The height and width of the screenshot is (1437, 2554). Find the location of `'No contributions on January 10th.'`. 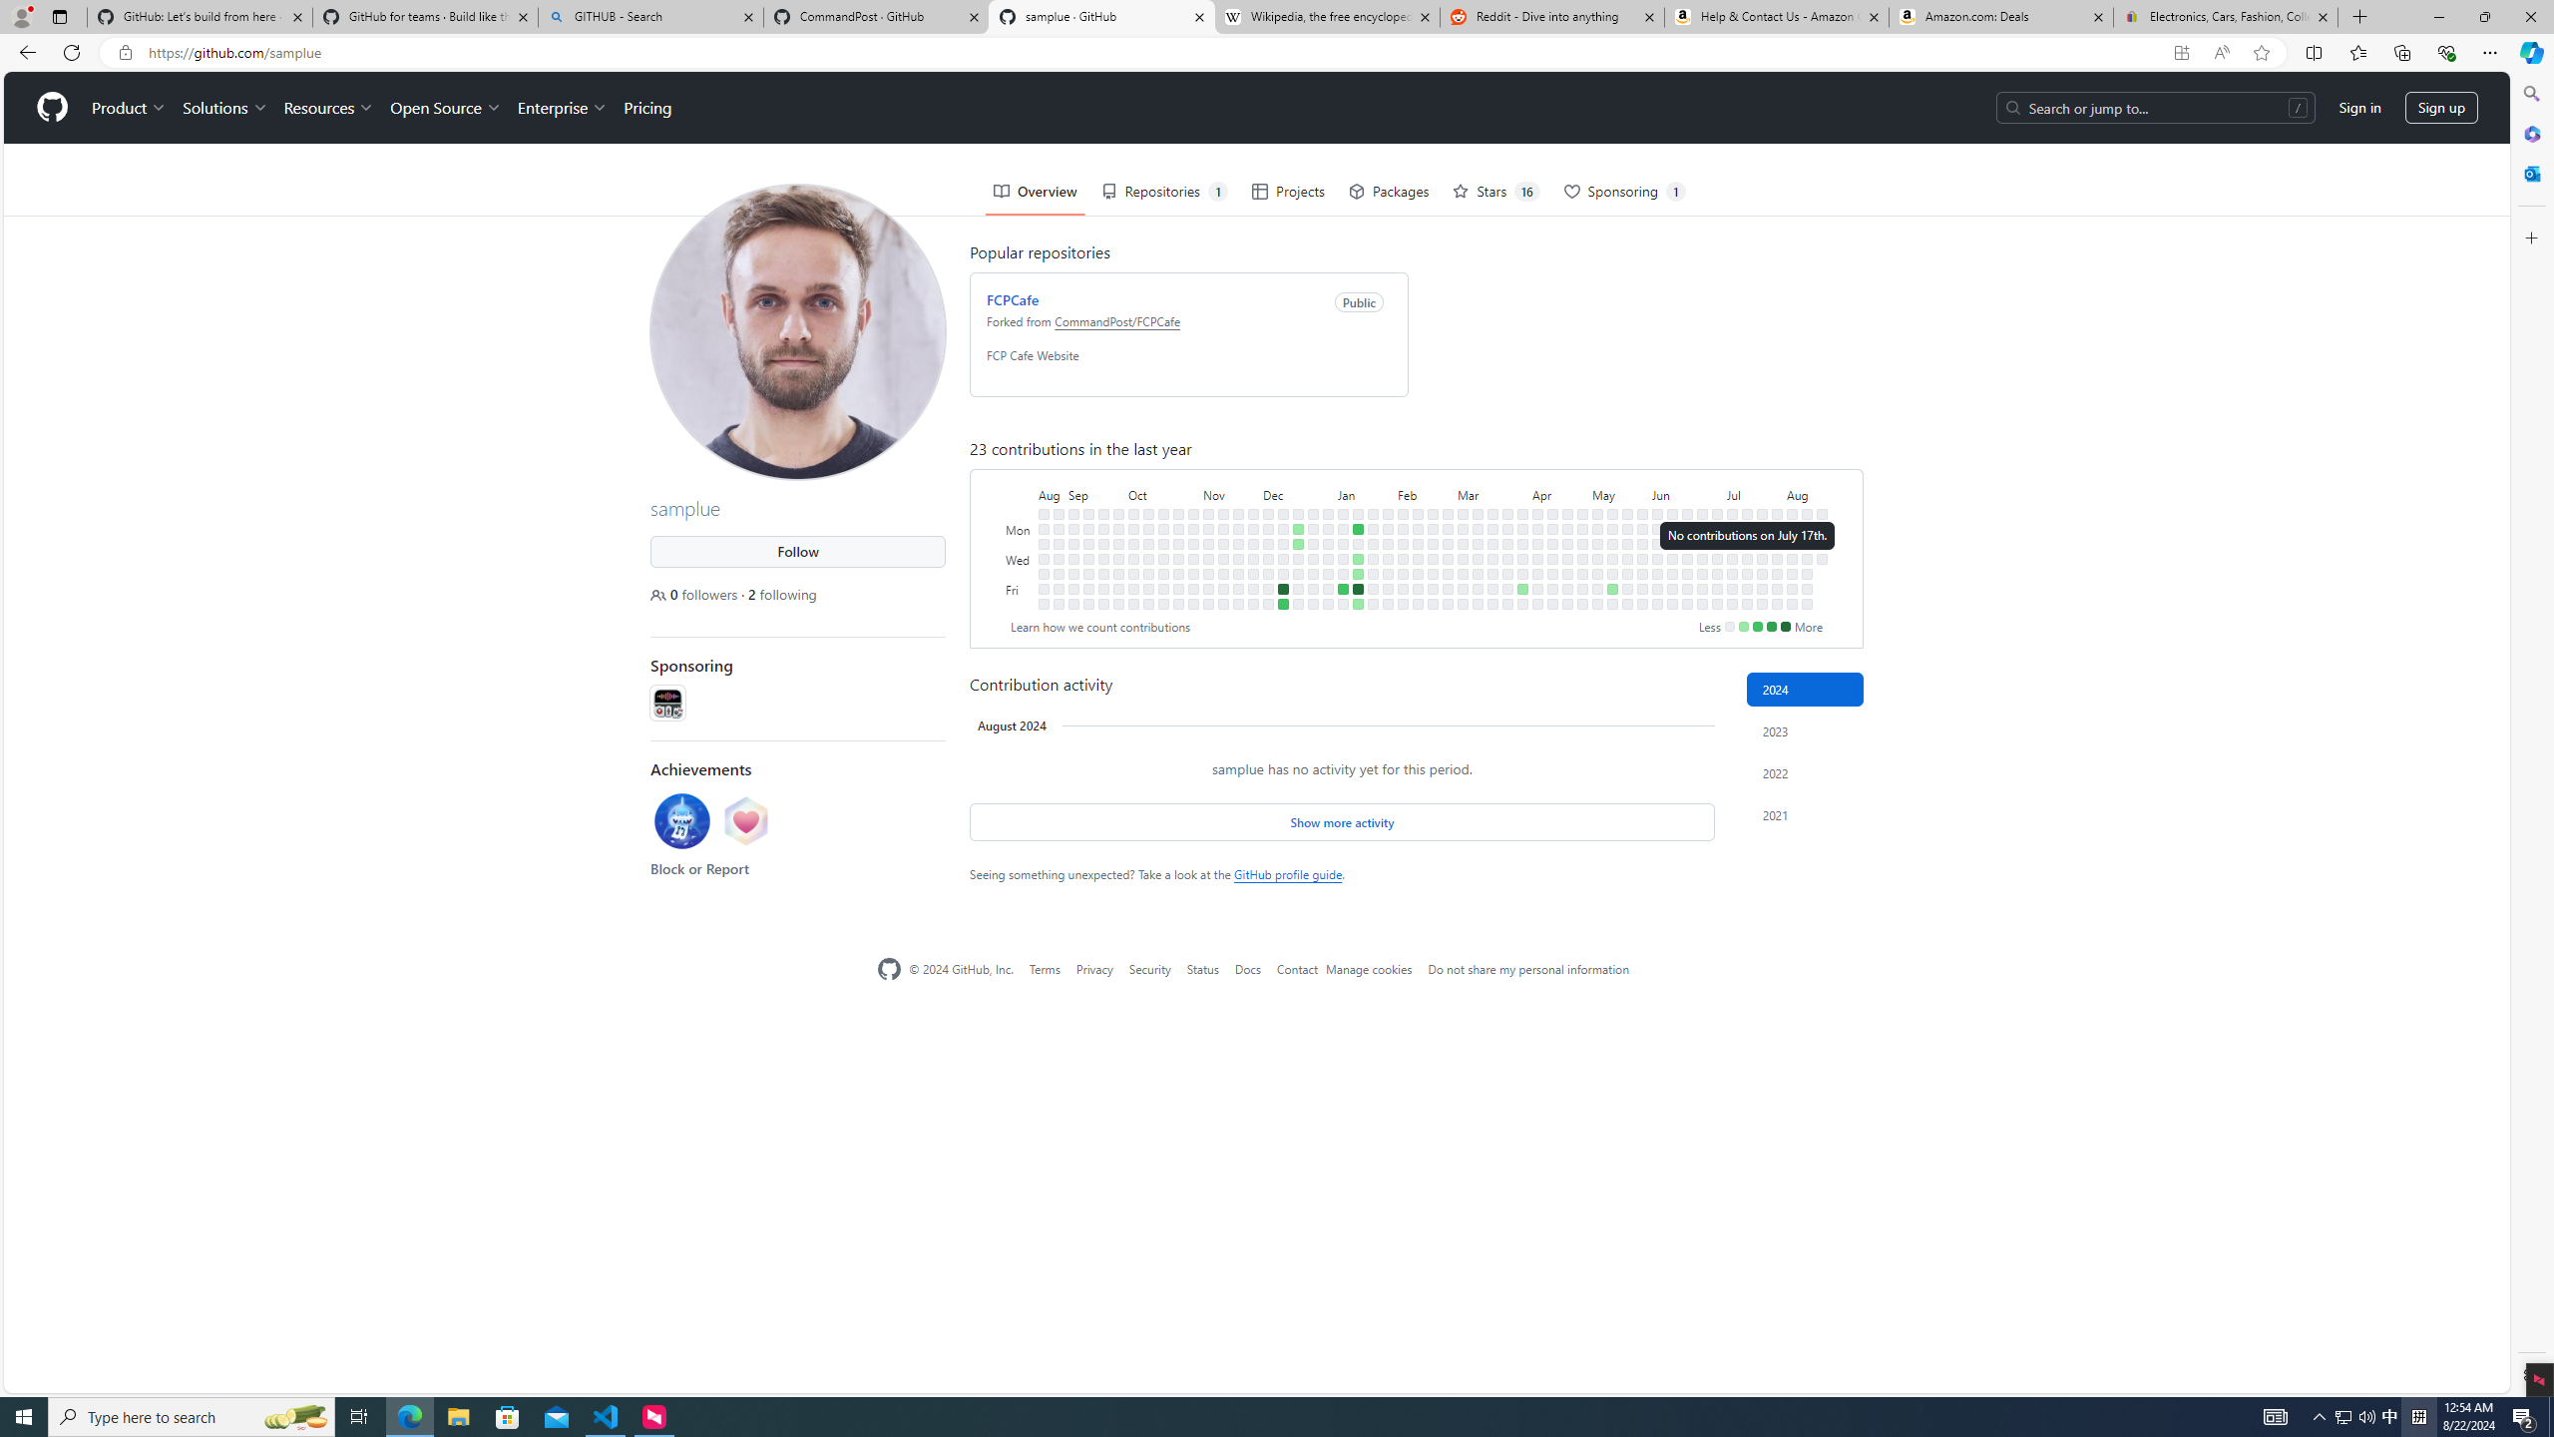

'No contributions on January 10th.' is located at coordinates (1342, 558).